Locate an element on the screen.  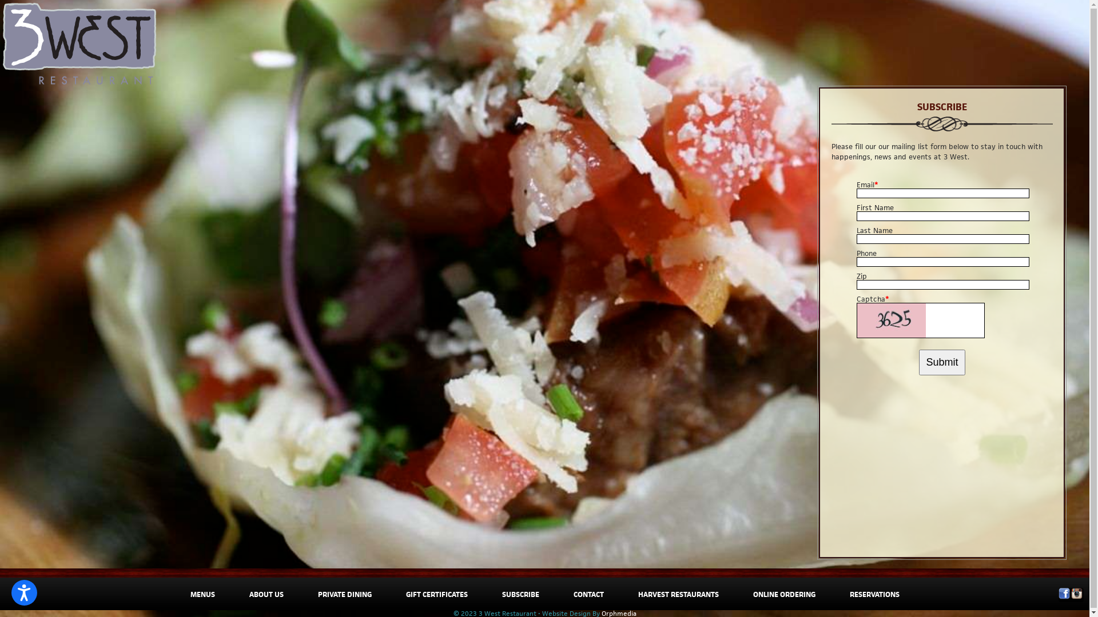
'ABOUT US' is located at coordinates (265, 594).